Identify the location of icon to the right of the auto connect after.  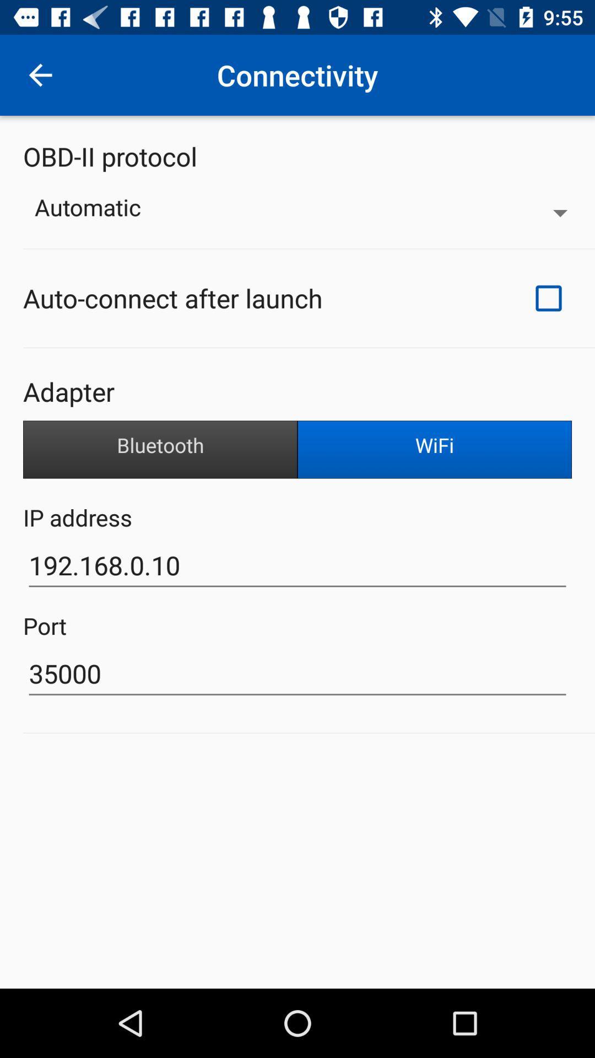
(548, 298).